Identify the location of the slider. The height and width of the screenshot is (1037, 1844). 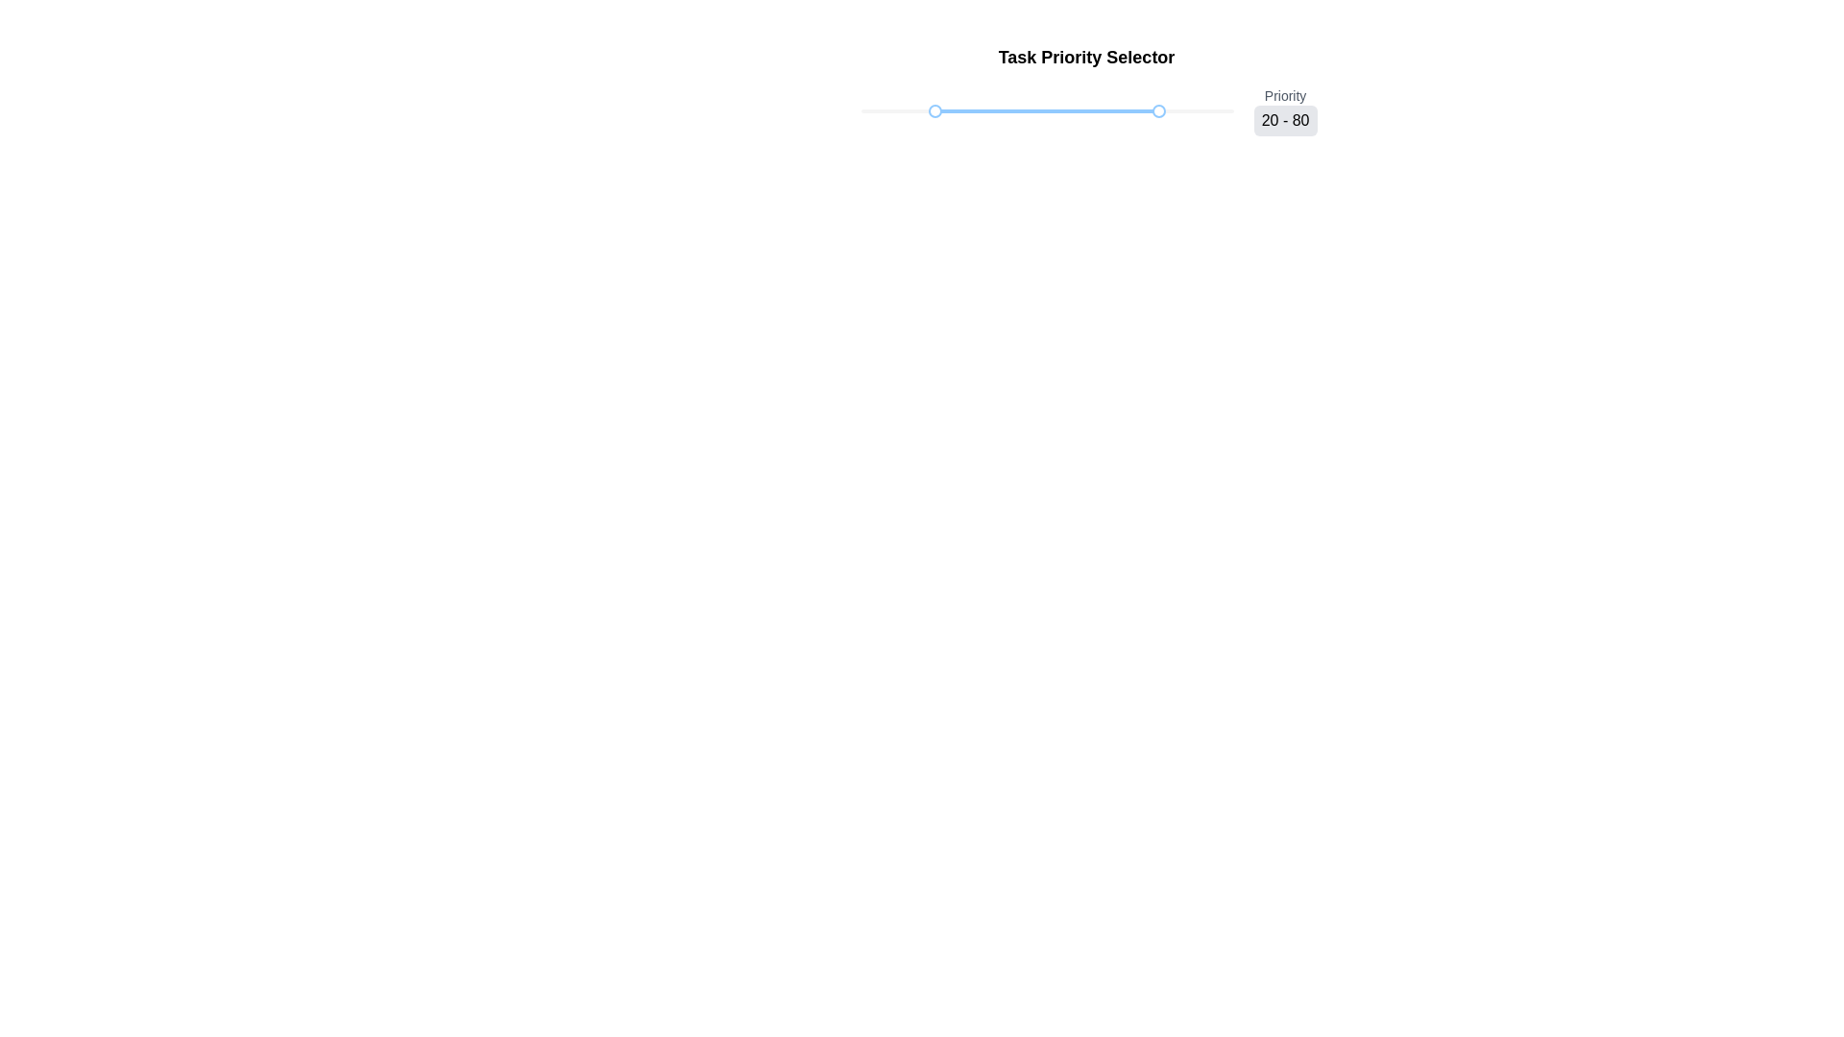
(911, 110).